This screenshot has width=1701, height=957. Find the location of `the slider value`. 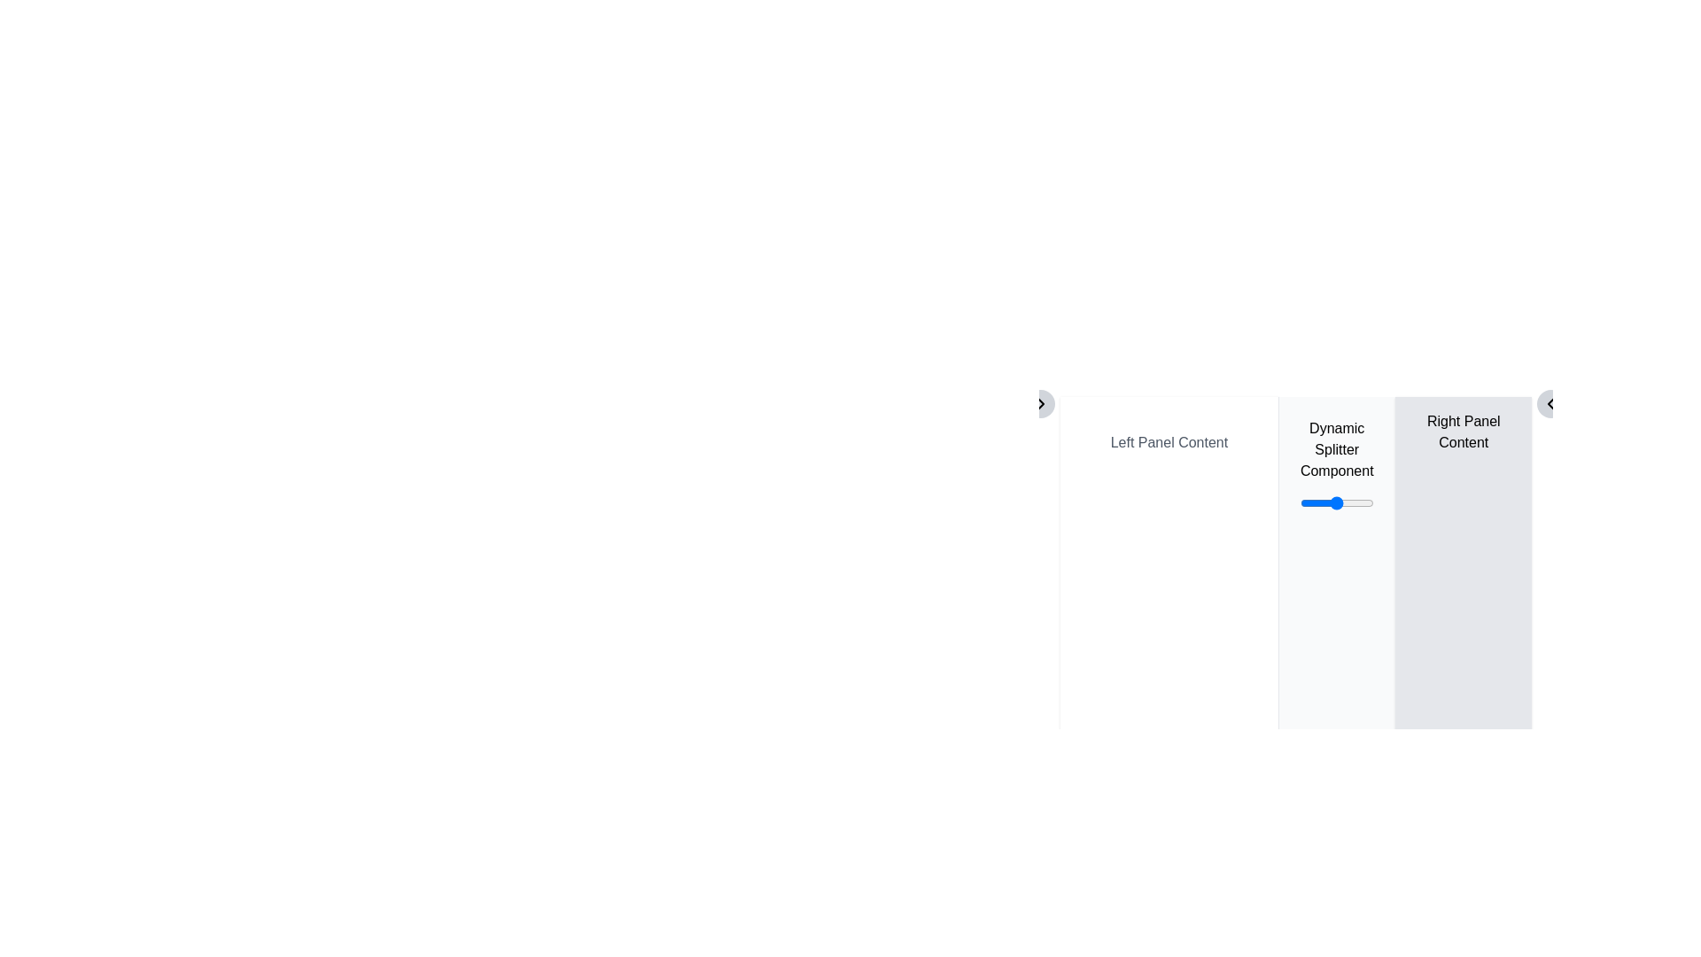

the slider value is located at coordinates (1313, 502).